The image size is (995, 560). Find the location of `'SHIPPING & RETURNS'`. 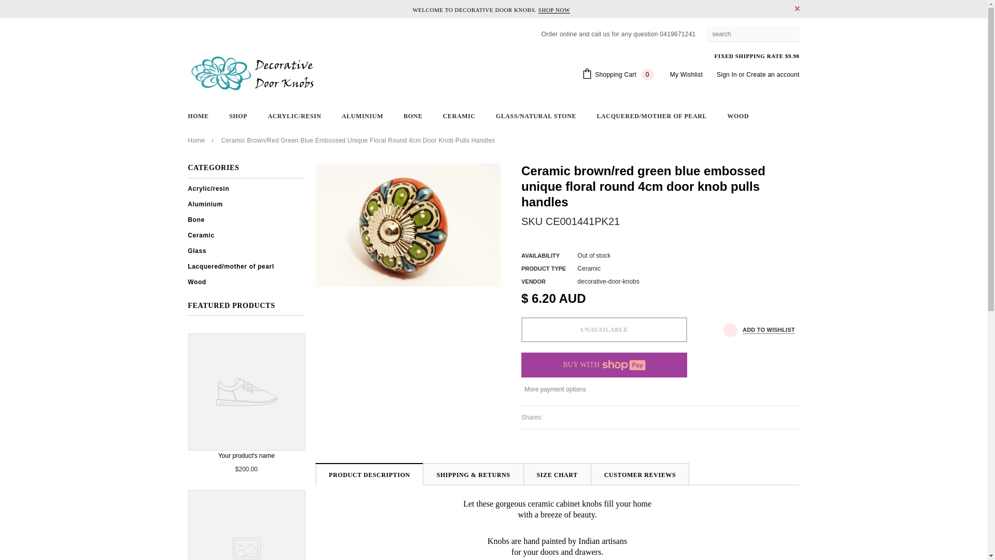

'SHIPPING & RETURNS' is located at coordinates (423, 474).